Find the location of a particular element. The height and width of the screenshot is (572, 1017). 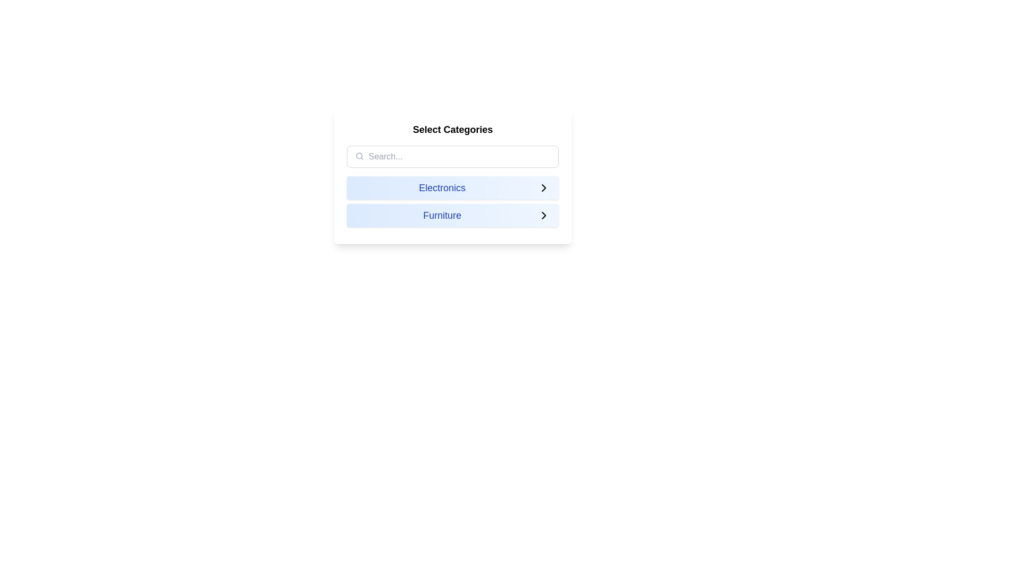

the 'Electronics' option in the 'Select Categories' card is located at coordinates (452, 176).